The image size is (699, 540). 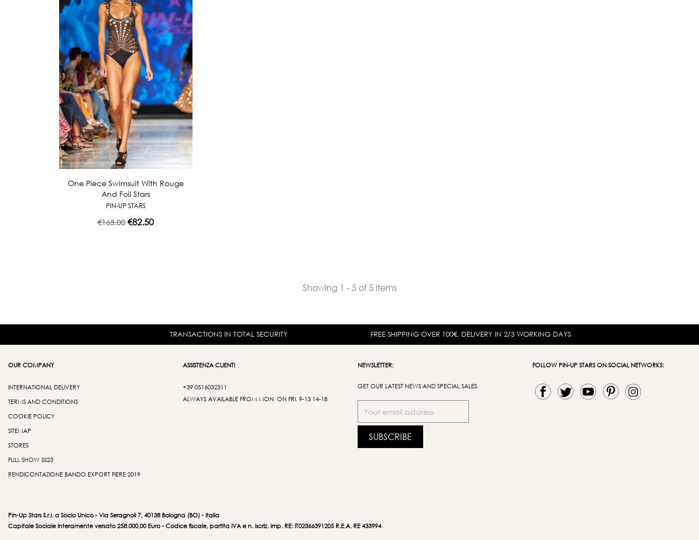 What do you see at coordinates (228, 333) in the screenshot?
I see `'TRANSACTIONS IN TOTAL SECURITY'` at bounding box center [228, 333].